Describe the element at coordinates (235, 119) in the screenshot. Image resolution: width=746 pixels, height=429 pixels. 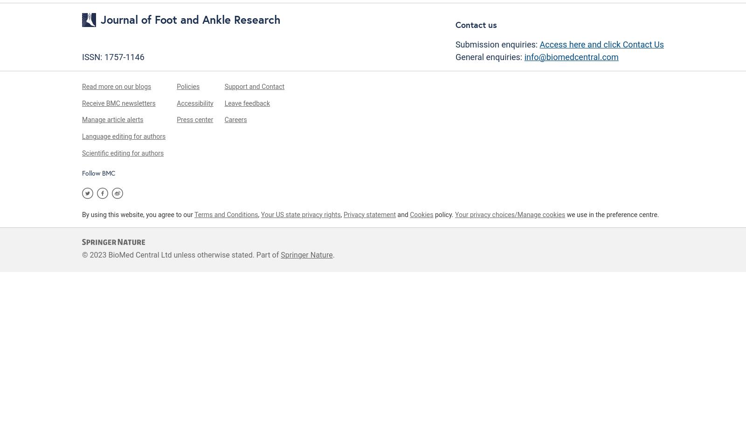
I see `'Careers'` at that location.